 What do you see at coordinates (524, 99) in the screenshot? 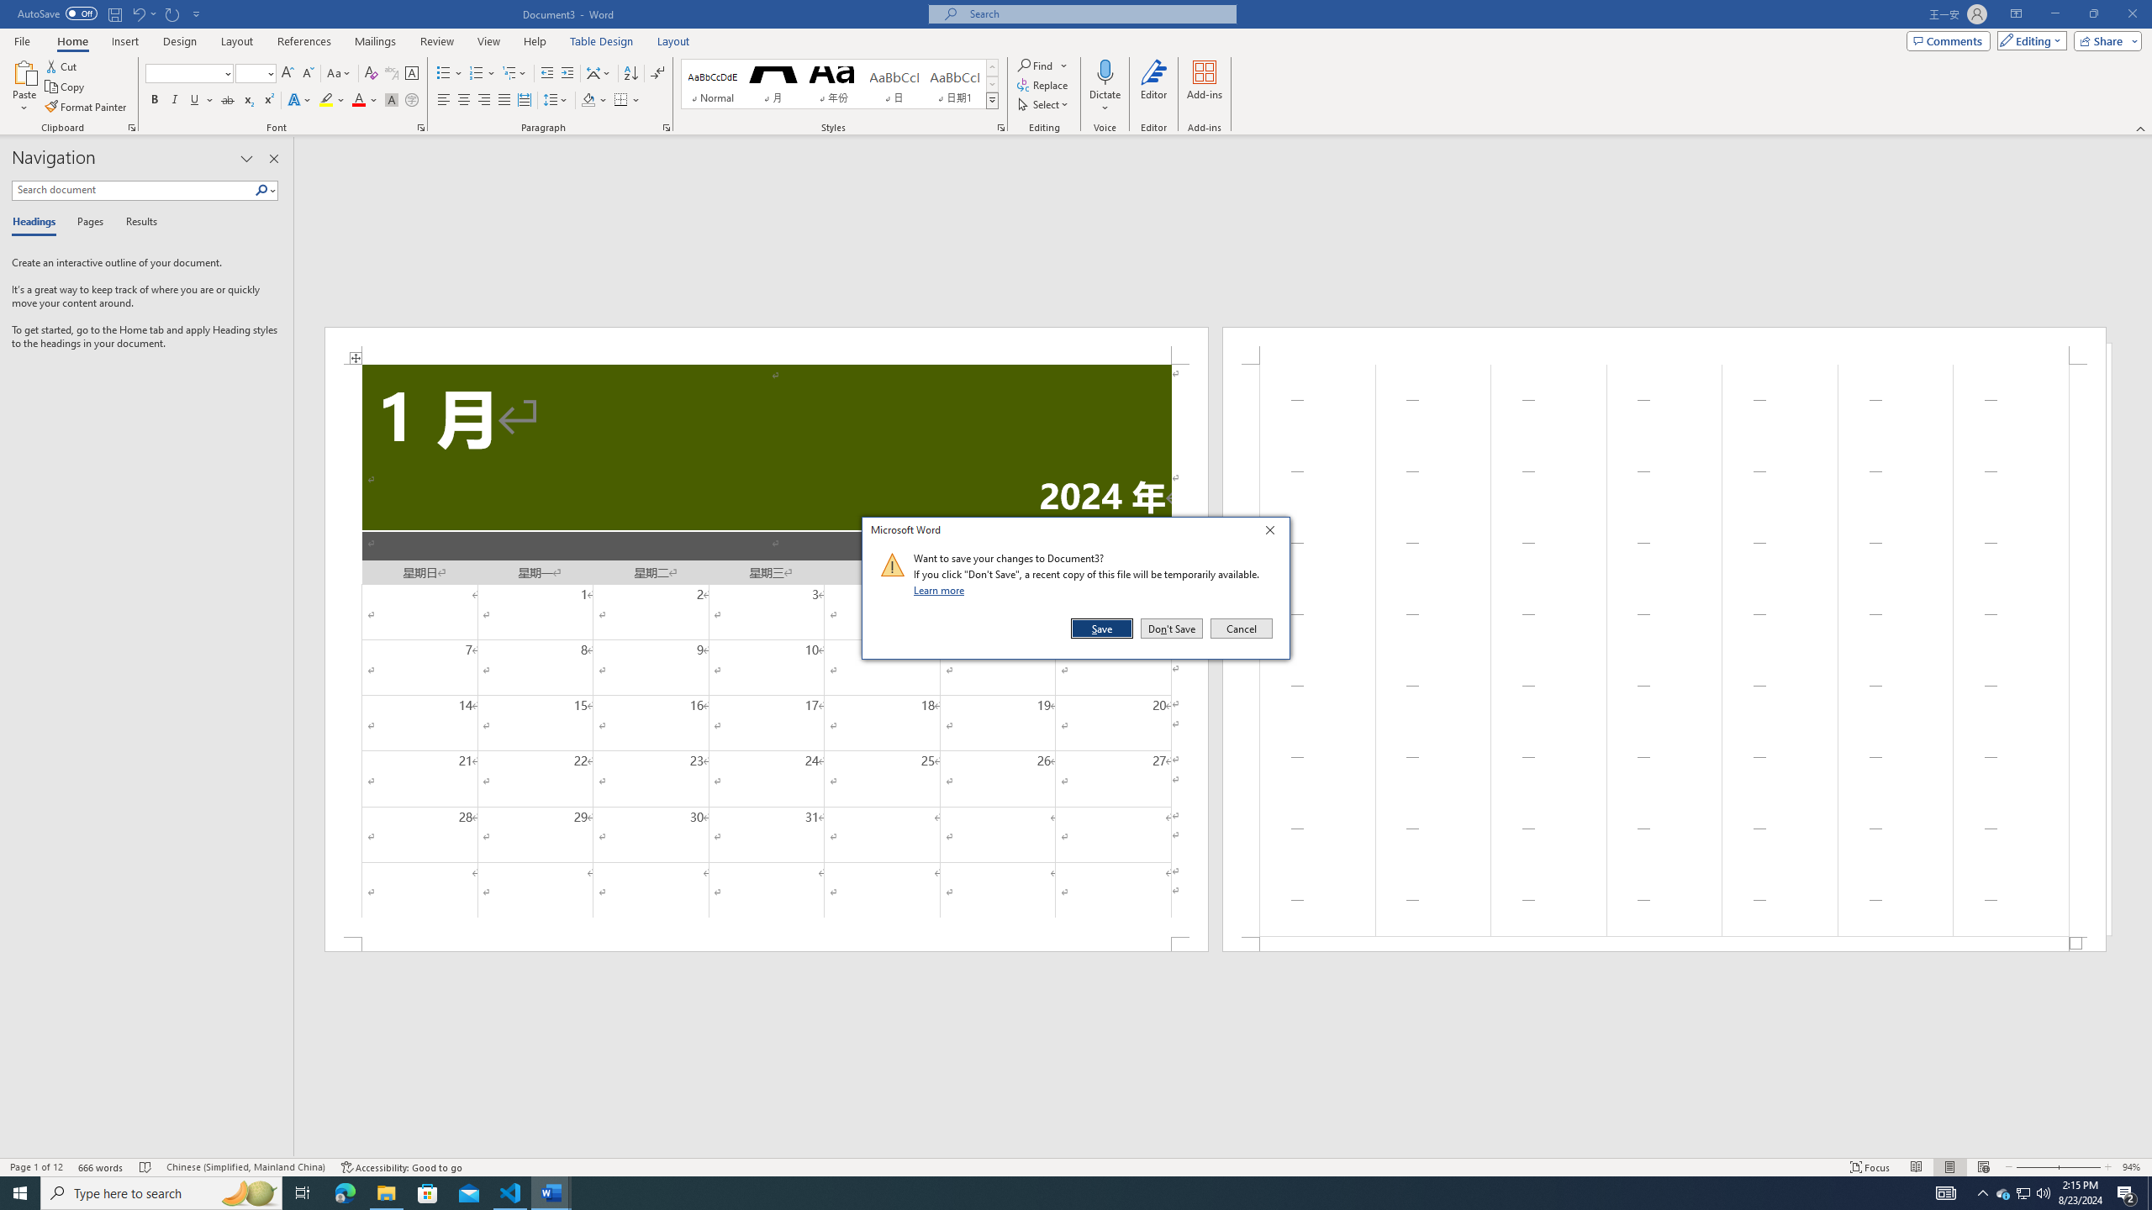
I see `'Distributed'` at bounding box center [524, 99].